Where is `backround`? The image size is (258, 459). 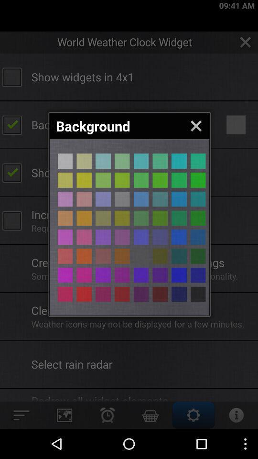 backround is located at coordinates (179, 198).